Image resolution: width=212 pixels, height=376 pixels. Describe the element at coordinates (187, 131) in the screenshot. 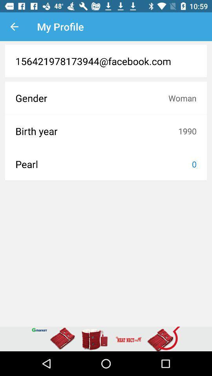

I see `the icon below woman icon` at that location.